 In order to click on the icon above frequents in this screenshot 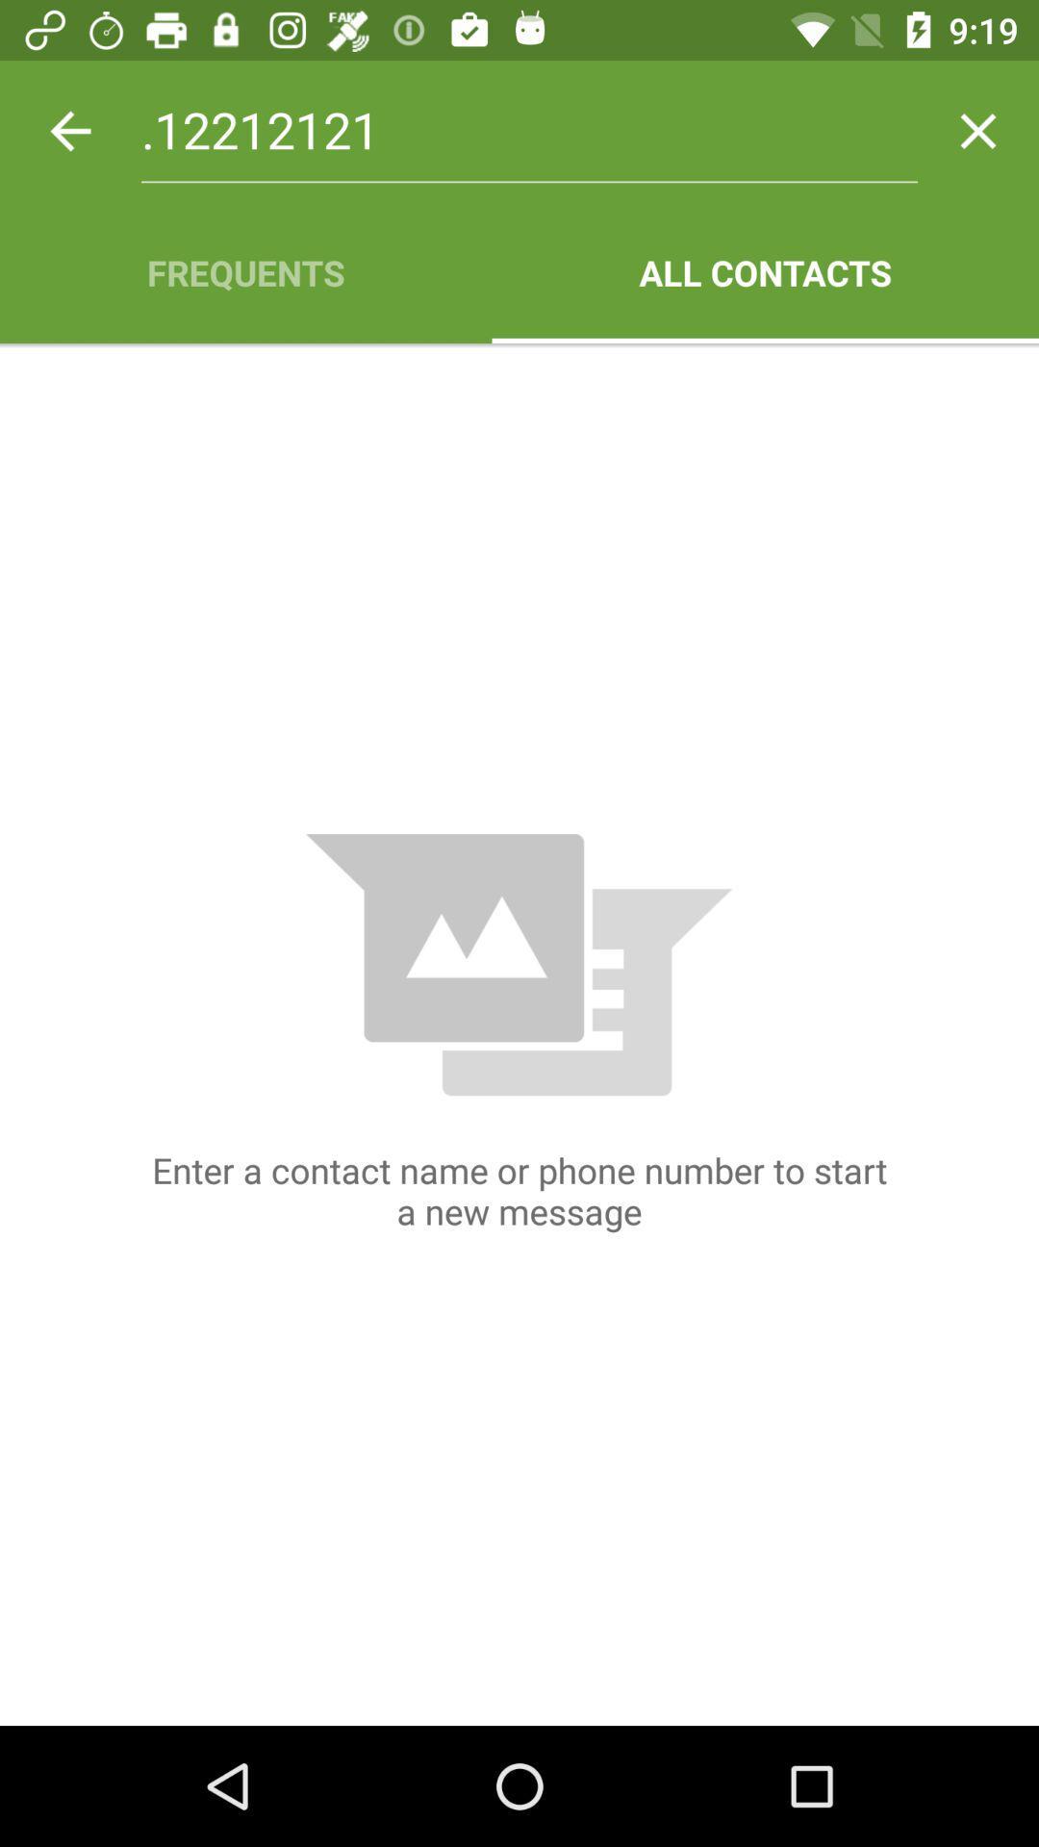, I will do `click(69, 130)`.